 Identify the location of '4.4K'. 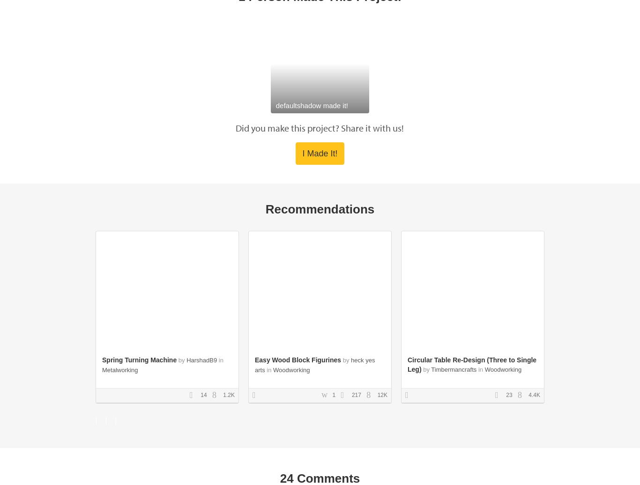
(526, 394).